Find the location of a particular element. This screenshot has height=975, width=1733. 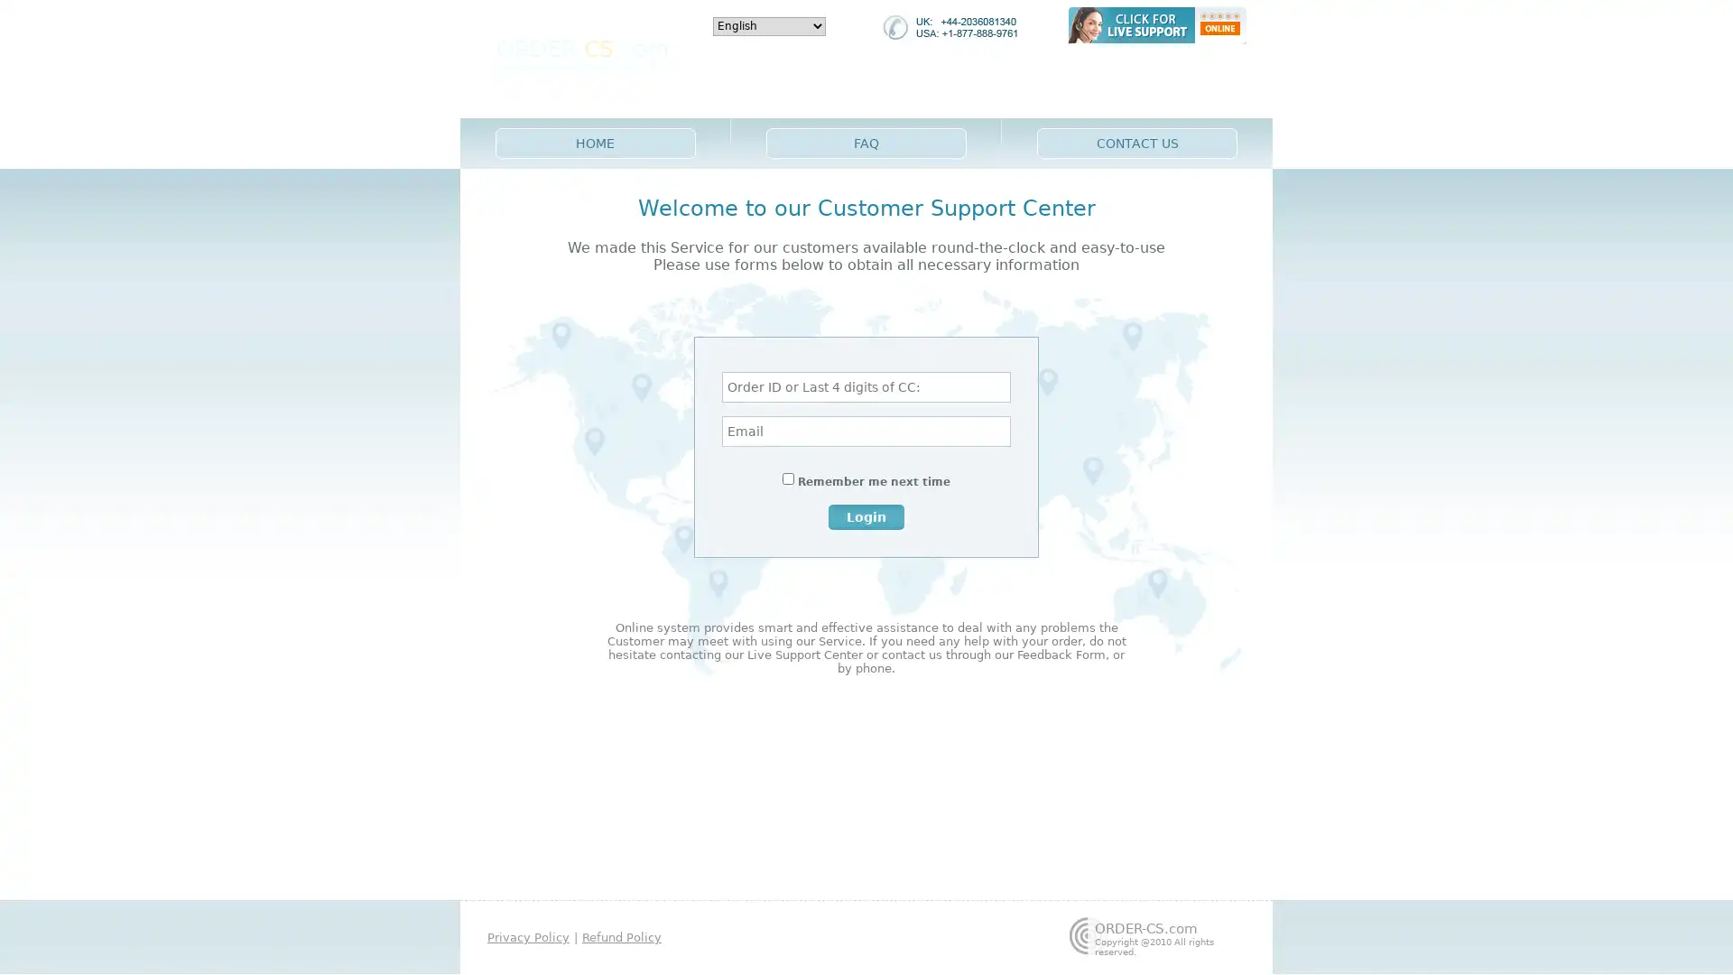

Login is located at coordinates (866, 515).